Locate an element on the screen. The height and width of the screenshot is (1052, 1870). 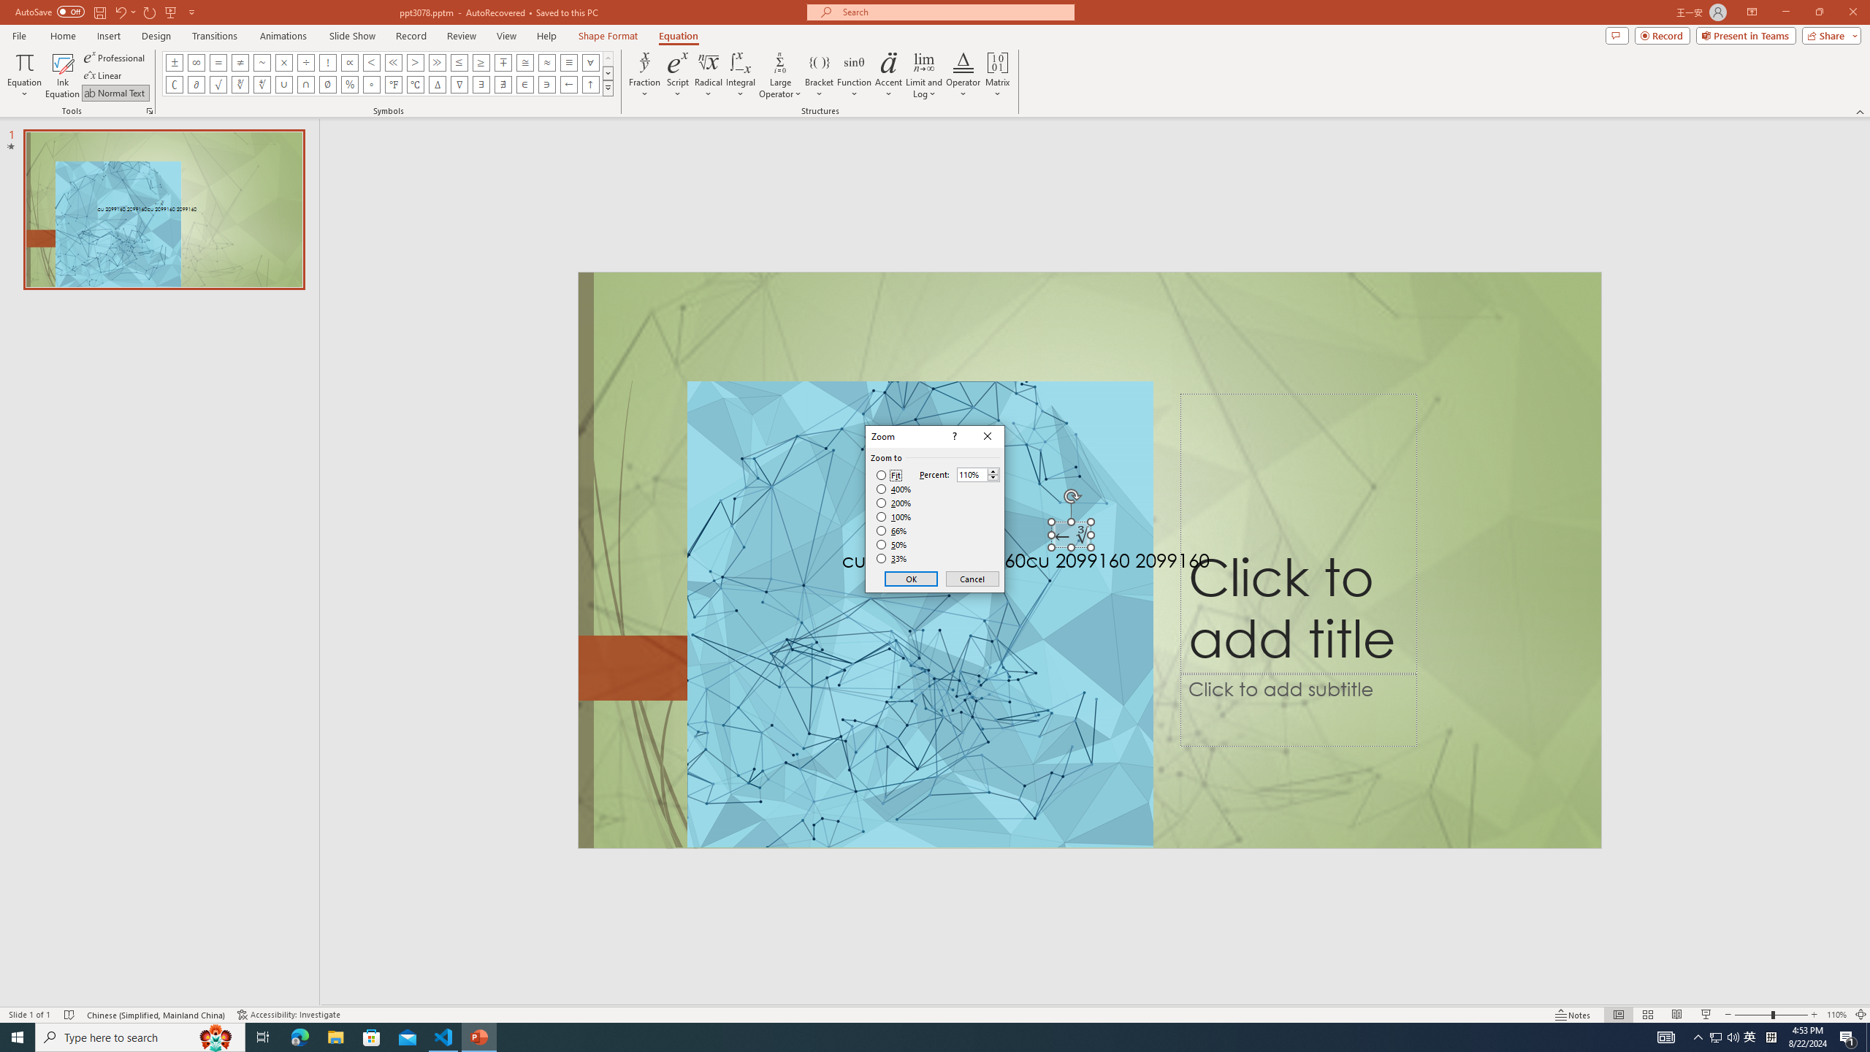
'Operator' is located at coordinates (962, 75).